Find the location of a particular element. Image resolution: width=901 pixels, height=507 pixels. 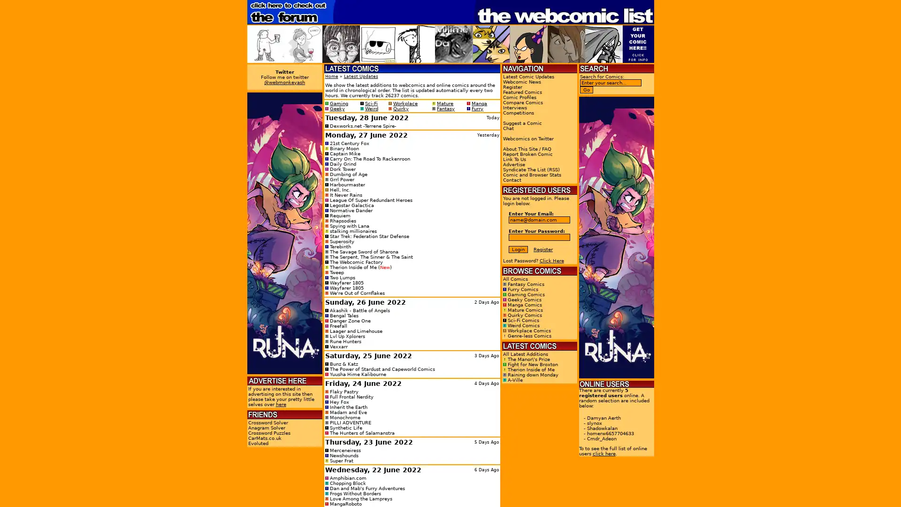

Login is located at coordinates (518, 249).